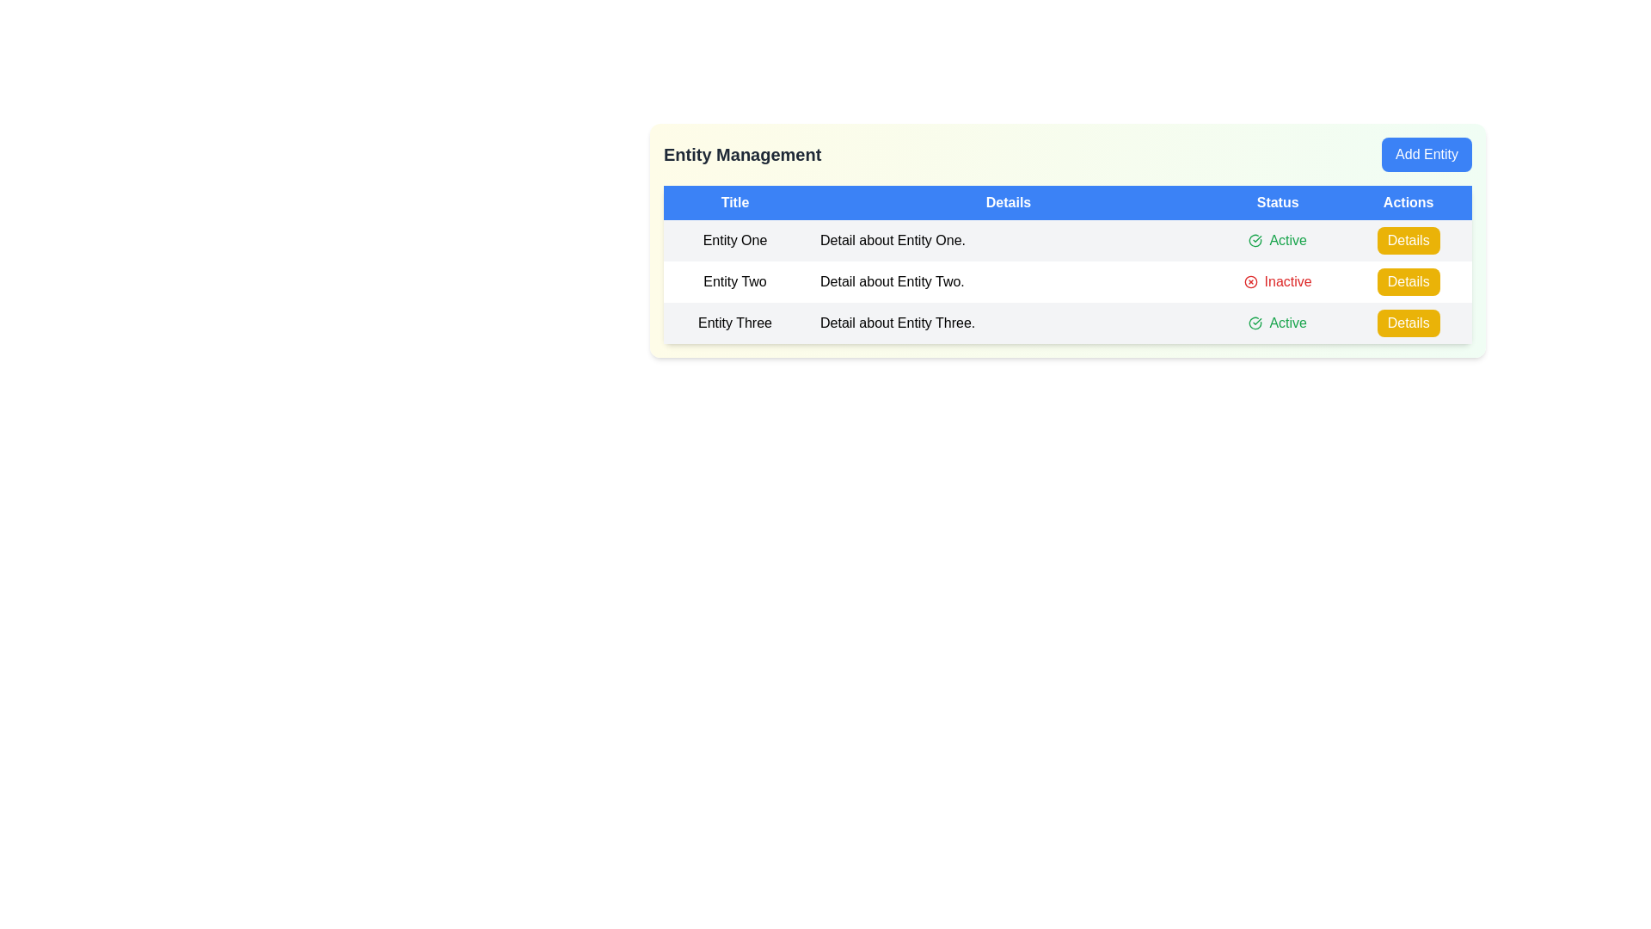 Image resolution: width=1651 pixels, height=929 pixels. I want to click on the 'Details' button with a yellow background located at the rightmost side of the bottom row in the data grid, so click(1408, 323).